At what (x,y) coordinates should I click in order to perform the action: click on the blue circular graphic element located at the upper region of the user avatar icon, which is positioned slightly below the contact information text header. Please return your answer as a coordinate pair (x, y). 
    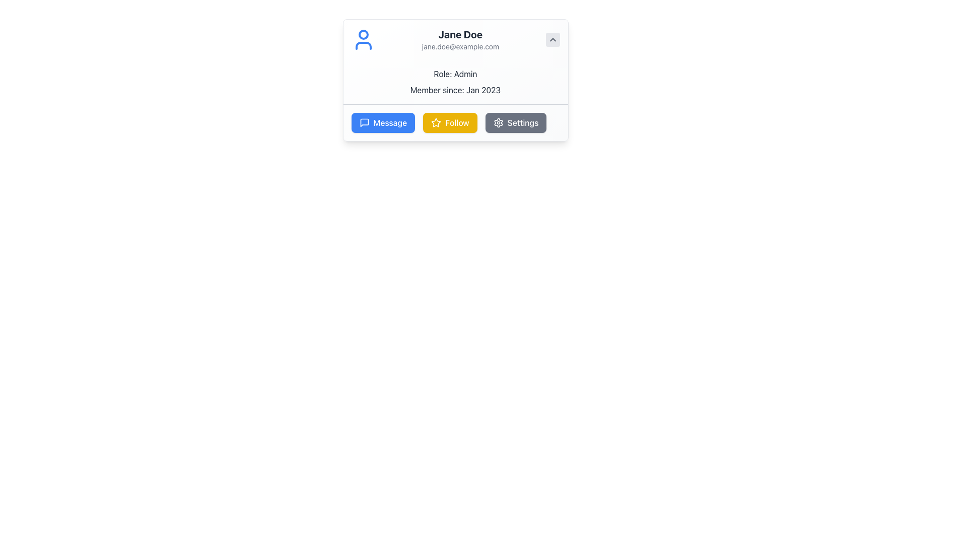
    Looking at the image, I should click on (363, 34).